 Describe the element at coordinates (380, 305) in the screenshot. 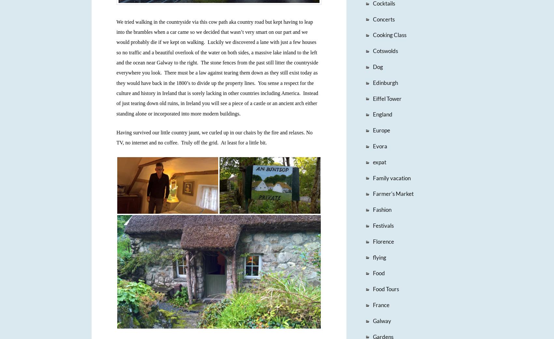

I see `'France'` at that location.